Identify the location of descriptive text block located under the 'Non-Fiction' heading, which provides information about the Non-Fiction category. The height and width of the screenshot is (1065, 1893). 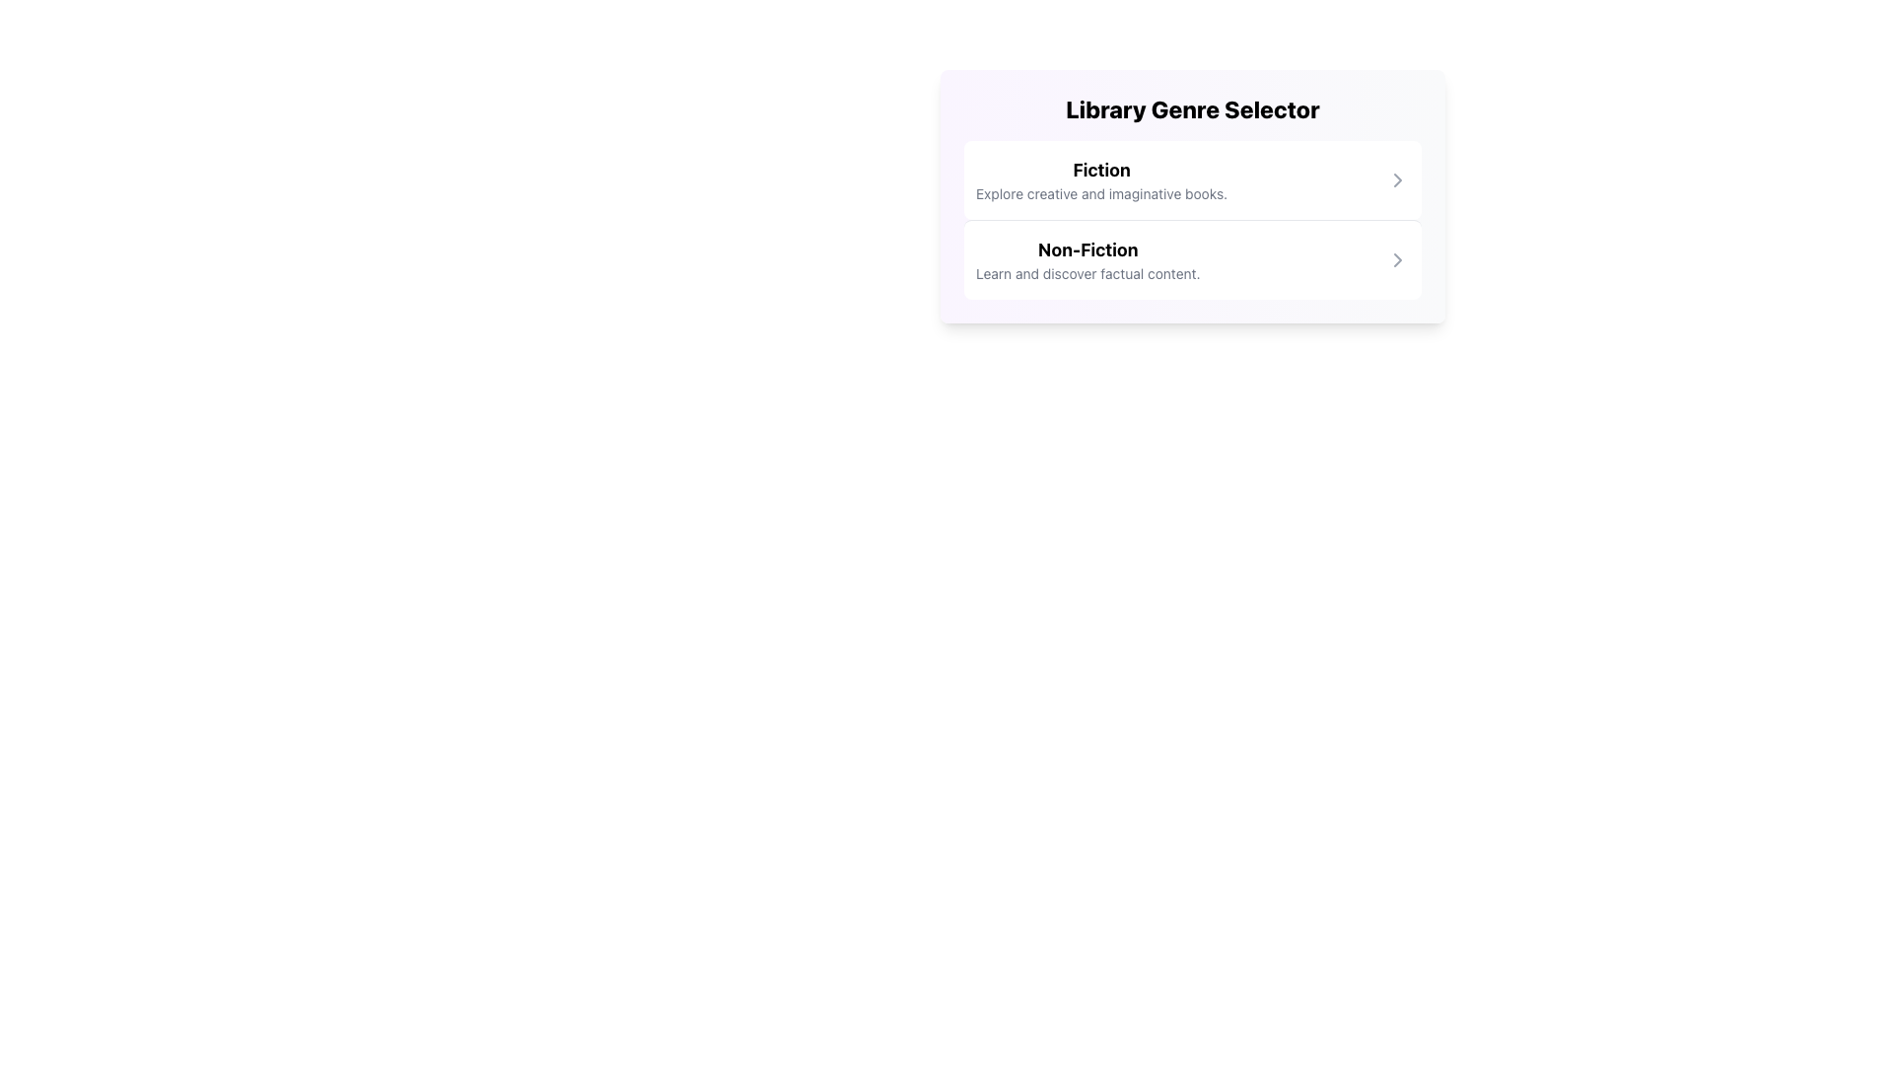
(1087, 273).